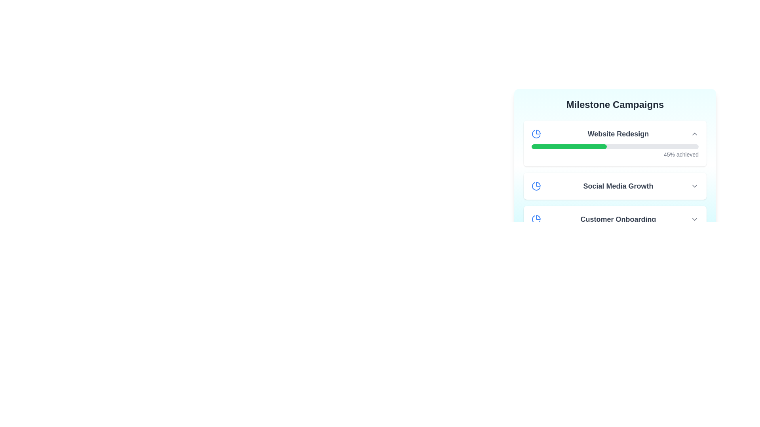 This screenshot has height=427, width=760. Describe the element at coordinates (615, 134) in the screenshot. I see `displayed title 'Website Redesign' from the Header Row located in the 'Milestone Campaigns' section, which features a blue pie chart icon on the left and a dropdown arrow icon on the right` at that location.